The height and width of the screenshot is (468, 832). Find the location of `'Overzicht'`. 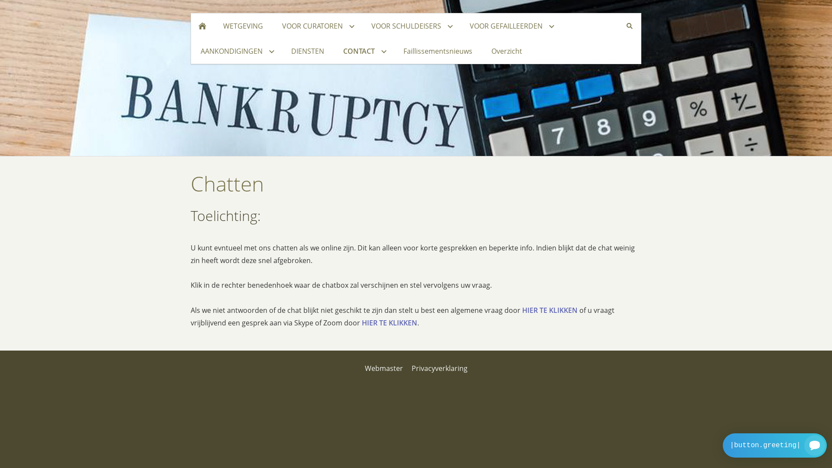

'Overzicht' is located at coordinates (507, 51).